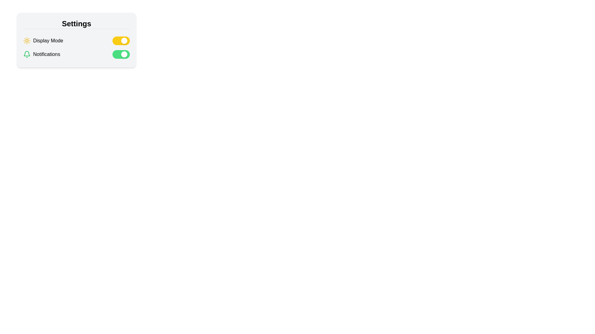 The image size is (595, 334). Describe the element at coordinates (26, 41) in the screenshot. I see `the yellow sun icon representing the current display mode setting, located to the left of the 'Display Mode' label` at that location.